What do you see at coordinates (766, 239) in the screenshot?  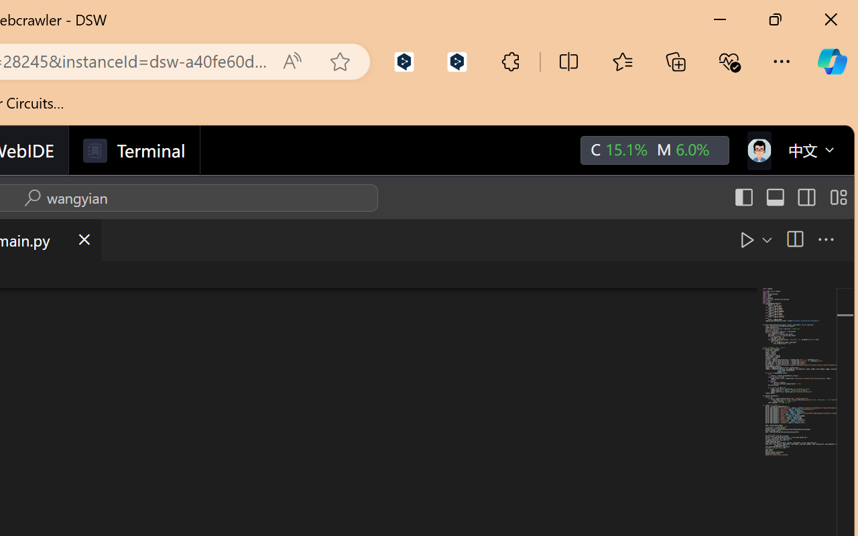 I see `'Run or Debug...'` at bounding box center [766, 239].